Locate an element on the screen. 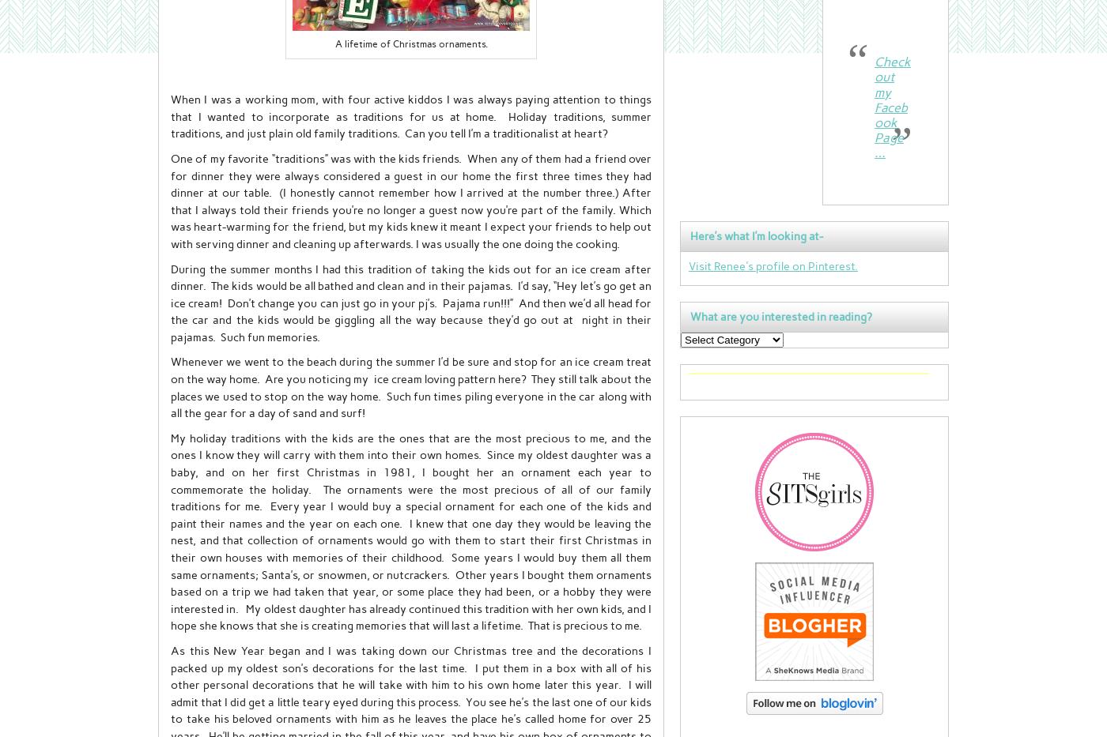  'When I was a working mom, with four active kiddos I was always paying attention to things that I wanted to incorporate as traditions for us at home.  Holiday traditions, summer traditions, and just plain old family traditions.  Can you tell I’m a traditionalist at heart?' is located at coordinates (410, 115).